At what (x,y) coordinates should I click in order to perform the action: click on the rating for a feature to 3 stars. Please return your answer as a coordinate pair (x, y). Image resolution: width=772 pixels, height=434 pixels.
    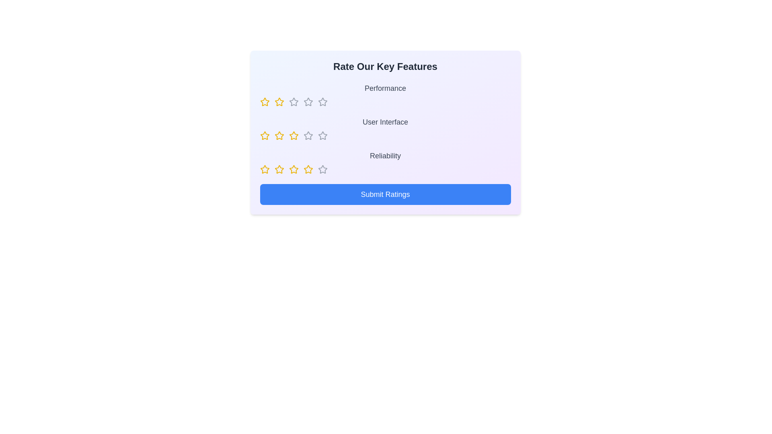
    Looking at the image, I should click on (293, 102).